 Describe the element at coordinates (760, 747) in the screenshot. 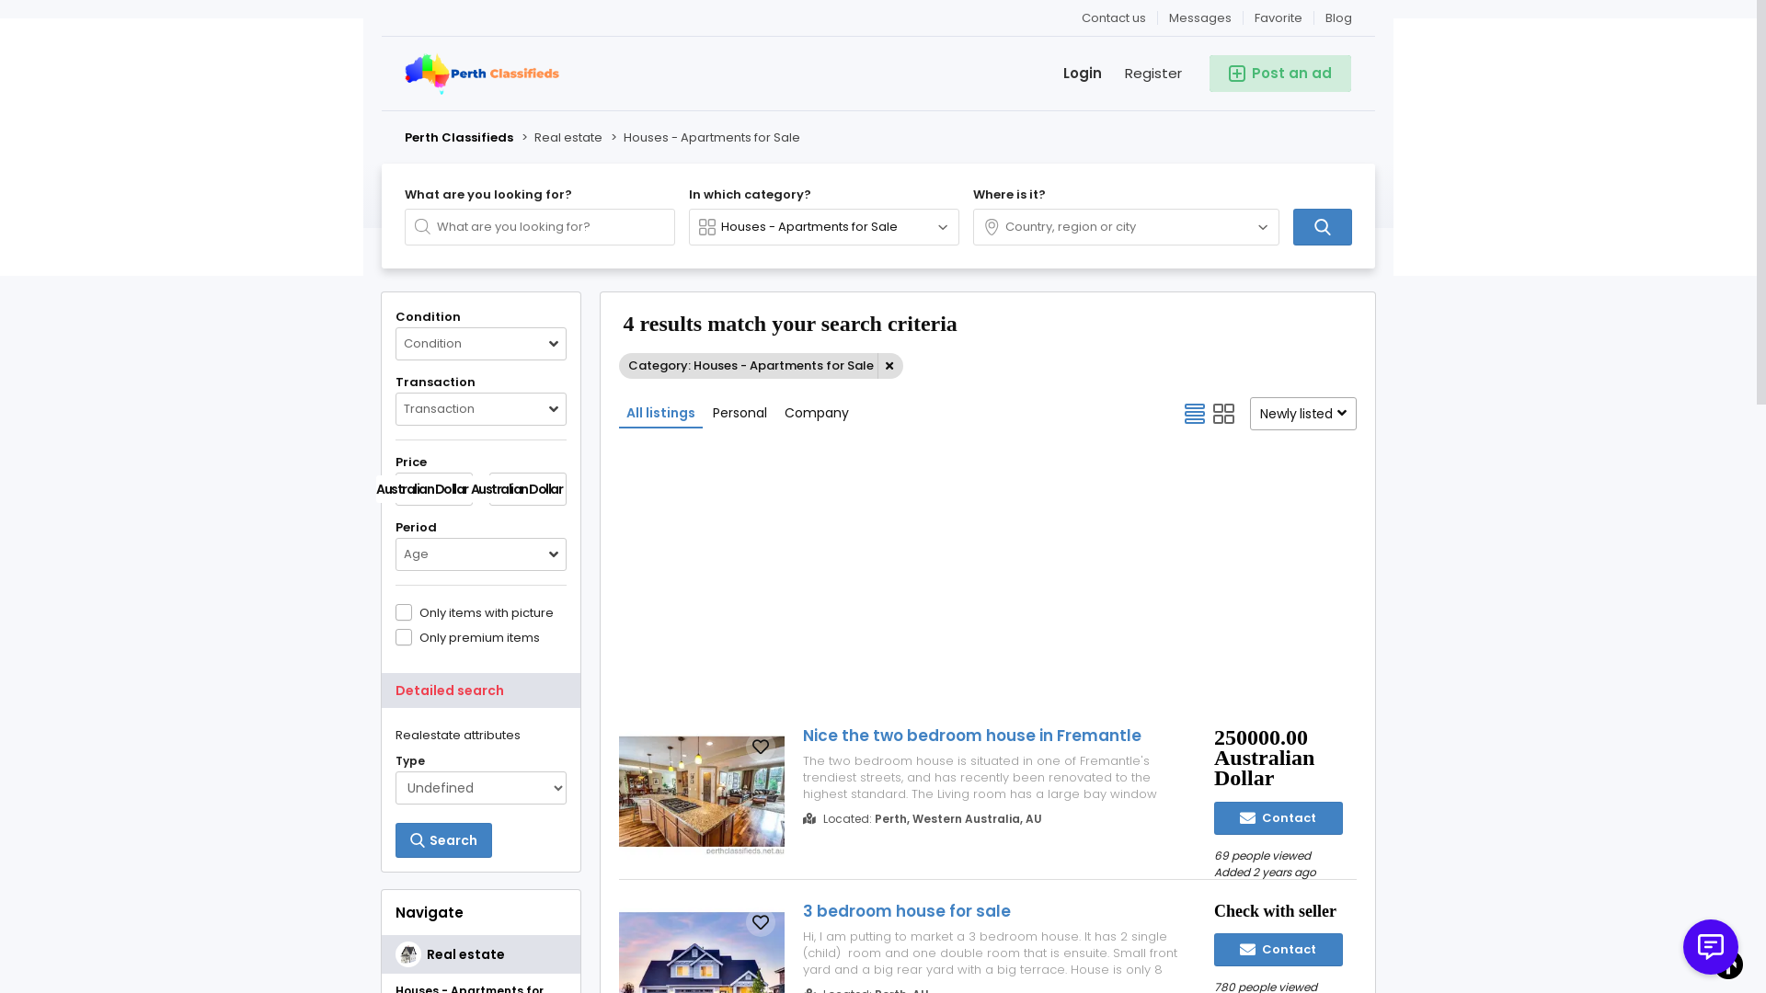

I see `'Save to favorite'` at that location.